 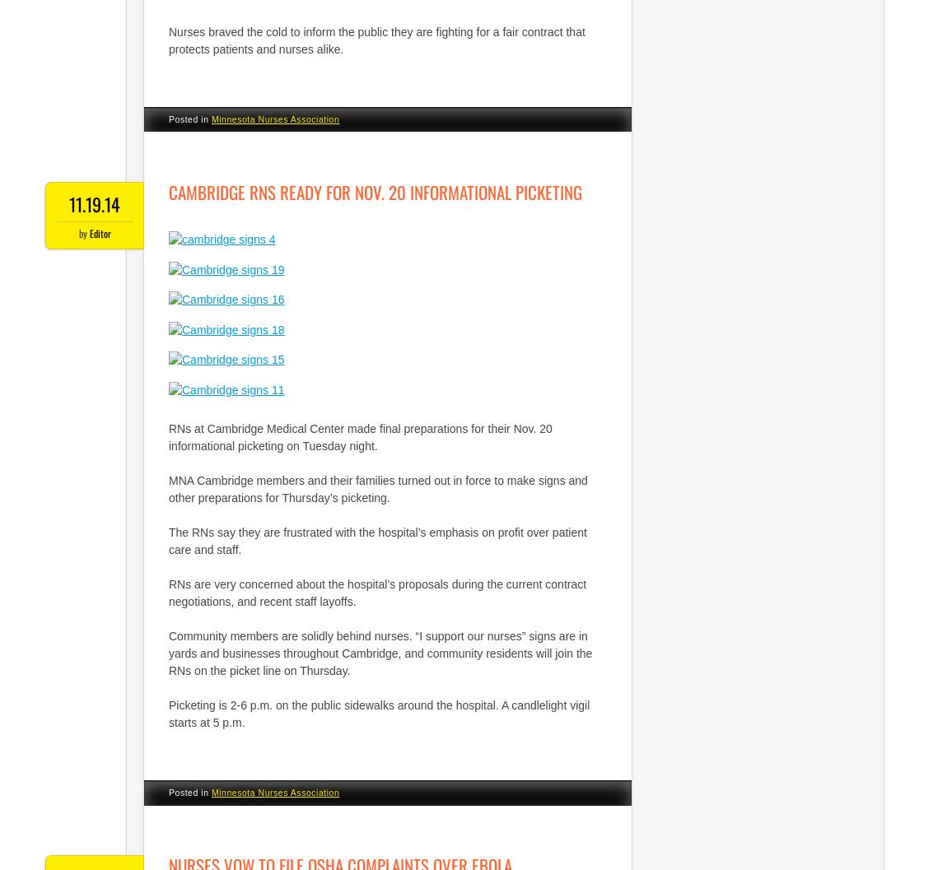 I want to click on 'The RNs say they are frustrated with the hospital’s emphasis on profit over patient care and staff.', so click(x=377, y=540).